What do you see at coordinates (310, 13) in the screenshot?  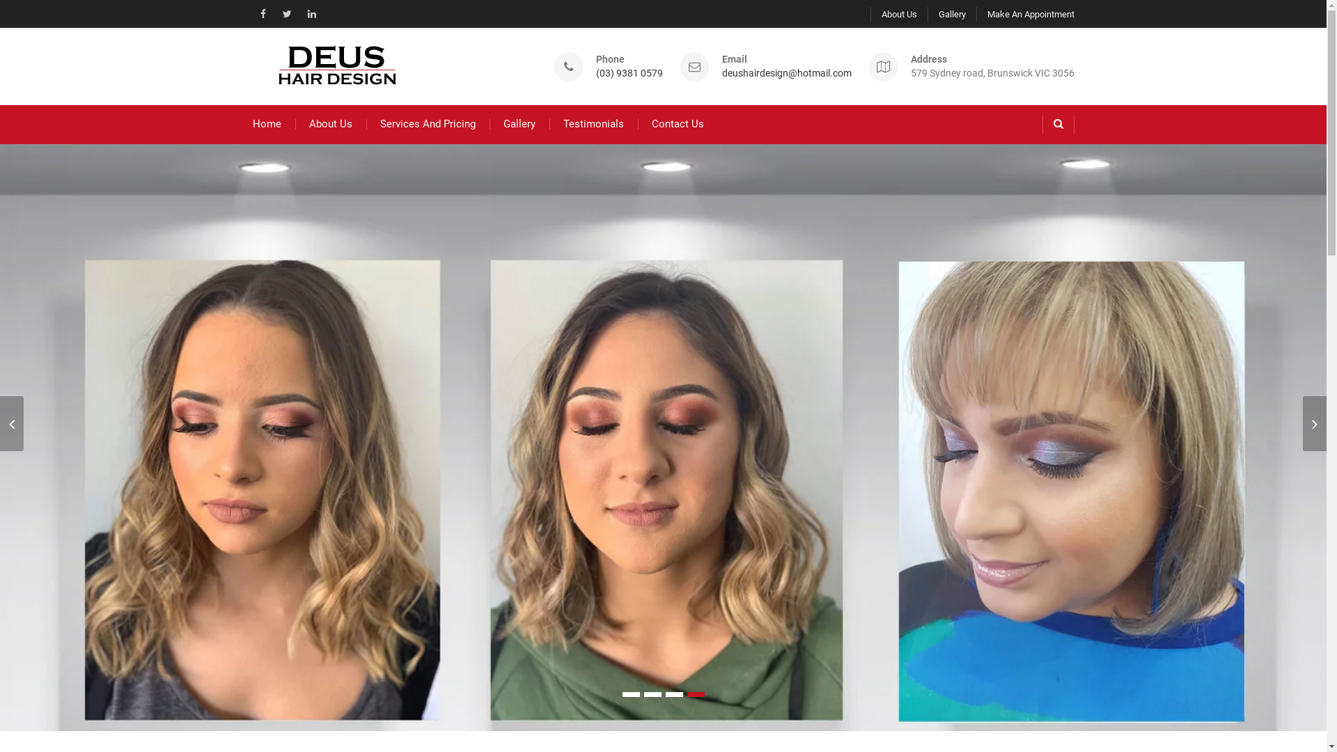 I see `'Linkedin'` at bounding box center [310, 13].